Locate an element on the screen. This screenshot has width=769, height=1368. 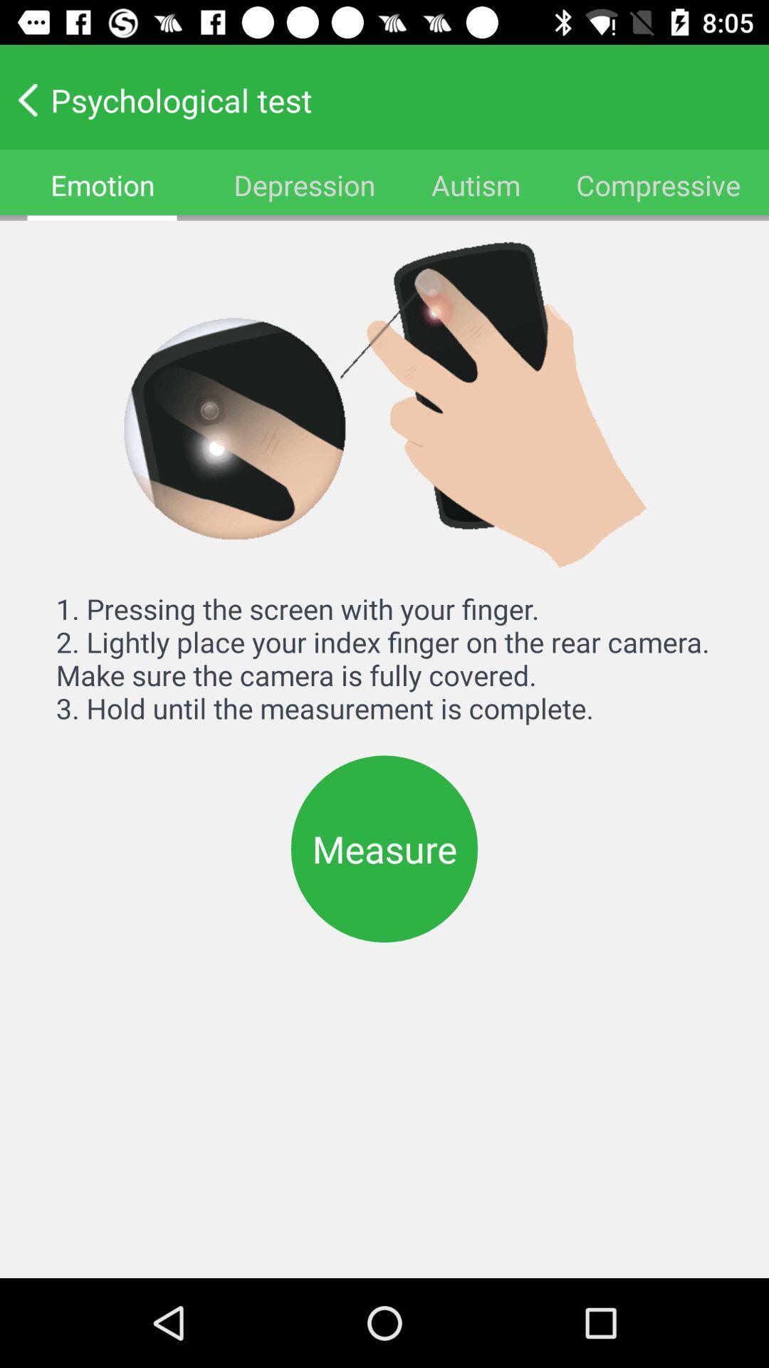
icon next to depression icon is located at coordinates (102, 184).